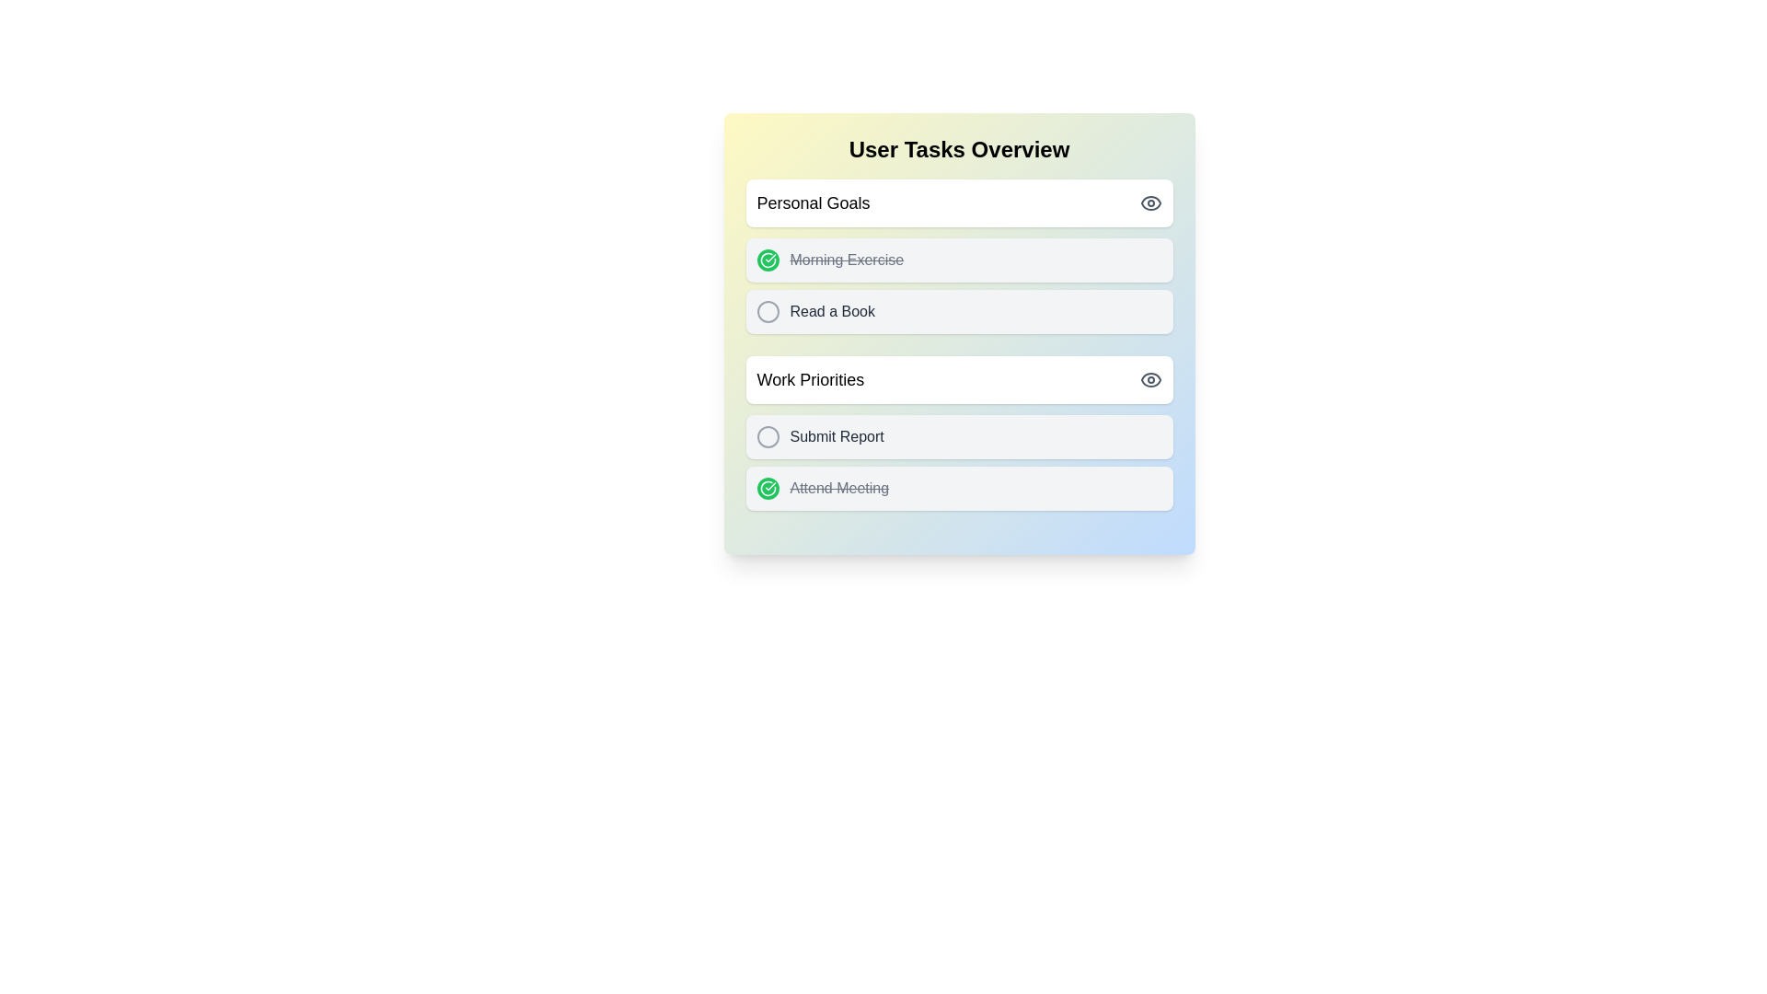 The width and height of the screenshot is (1767, 994). Describe the element at coordinates (958, 311) in the screenshot. I see `the List item labeled 'Read a Book' in the 'Personal Goals' section, which is the second item below 'Morning Exercise'` at that location.